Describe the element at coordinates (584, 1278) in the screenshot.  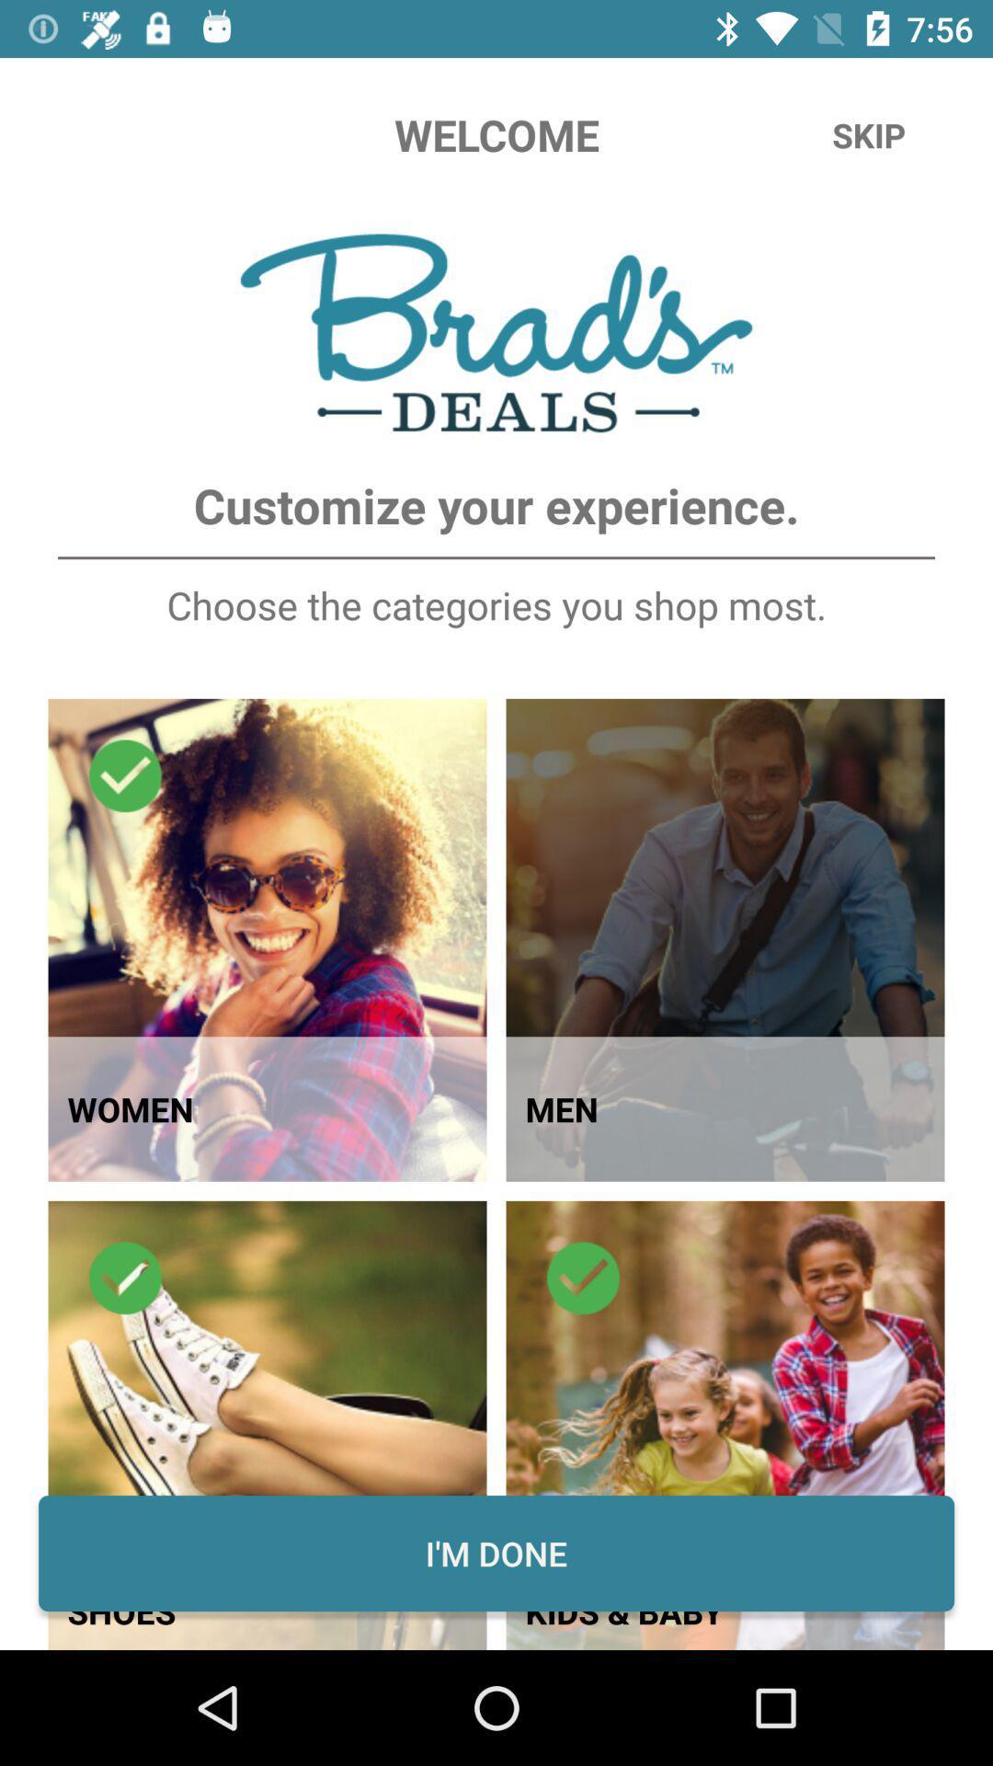
I see `the icon at the top of second image in second row` at that location.